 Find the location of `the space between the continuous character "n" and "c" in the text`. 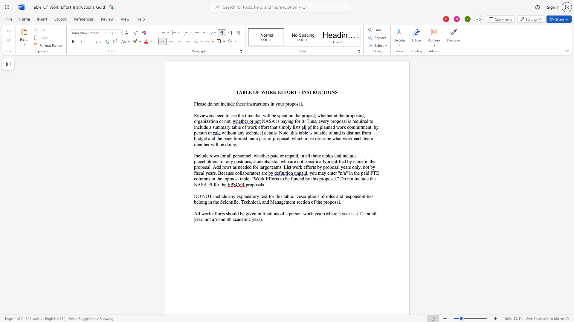

the space between the continuous character "n" and "c" in the text is located at coordinates (216, 196).